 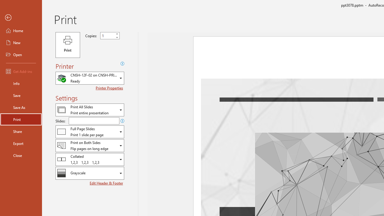 I want to click on 'Collation', so click(x=89, y=159).